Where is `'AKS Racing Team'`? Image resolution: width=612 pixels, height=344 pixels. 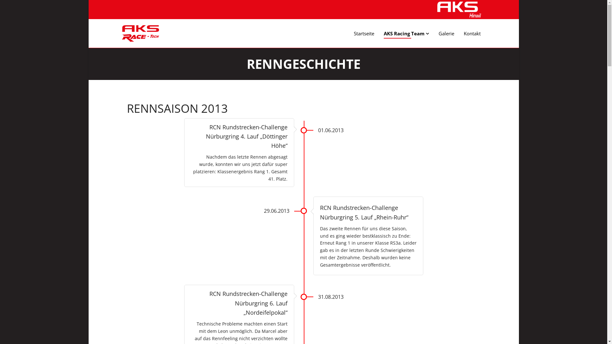
'AKS Racing Team' is located at coordinates (405, 33).